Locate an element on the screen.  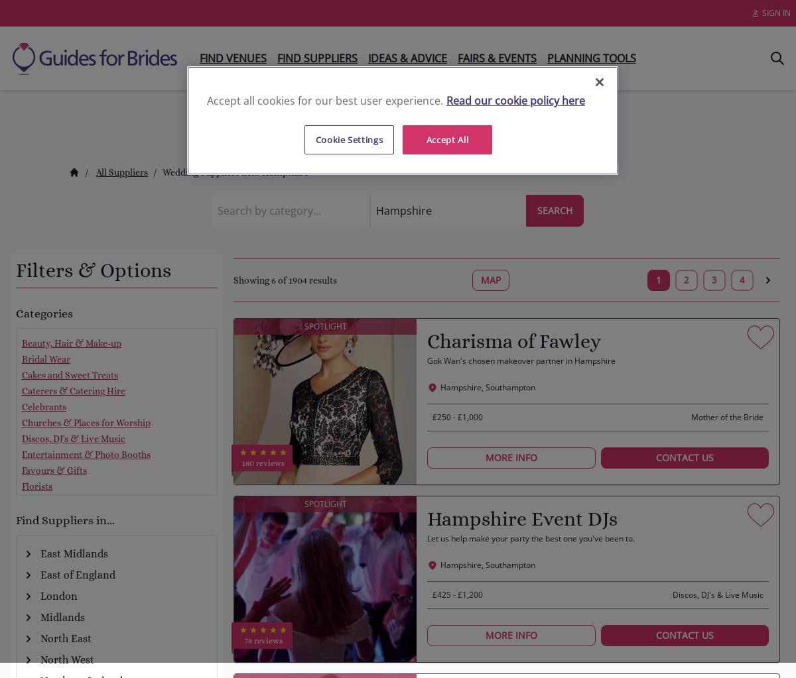
'Beauty, Hair & Make-up' is located at coordinates (72, 343).